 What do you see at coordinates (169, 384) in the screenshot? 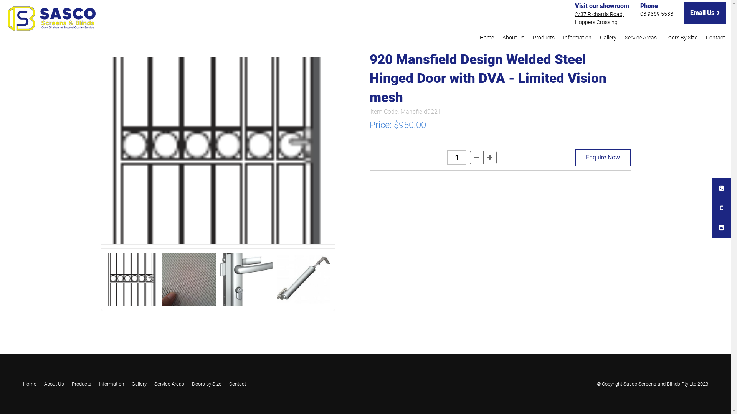
I see `'Service Areas'` at bounding box center [169, 384].